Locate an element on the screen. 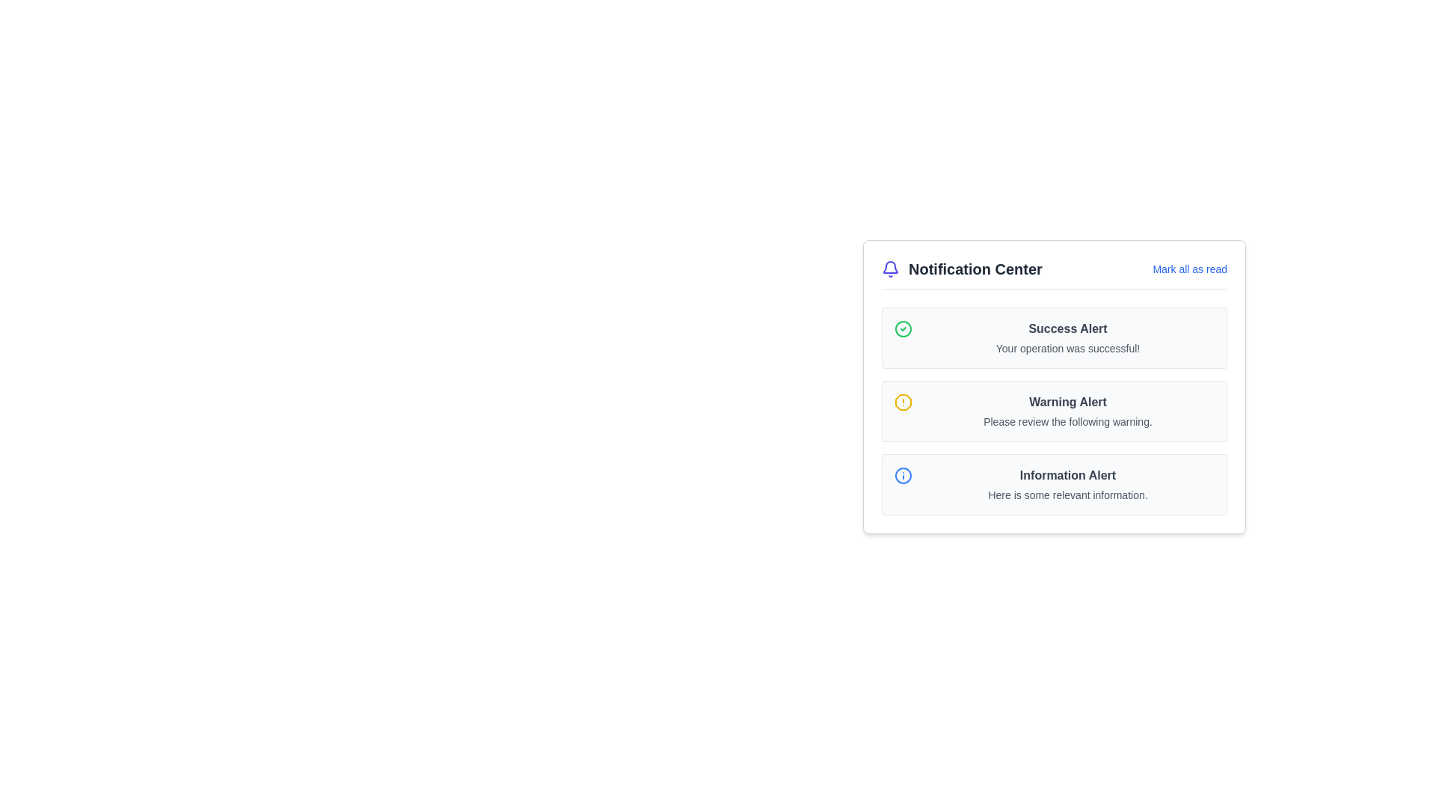 This screenshot has height=808, width=1436. information from the third Text block with styled heading and subtext in the 'Notification Center', which provides helpful information to the user is located at coordinates (1067, 485).